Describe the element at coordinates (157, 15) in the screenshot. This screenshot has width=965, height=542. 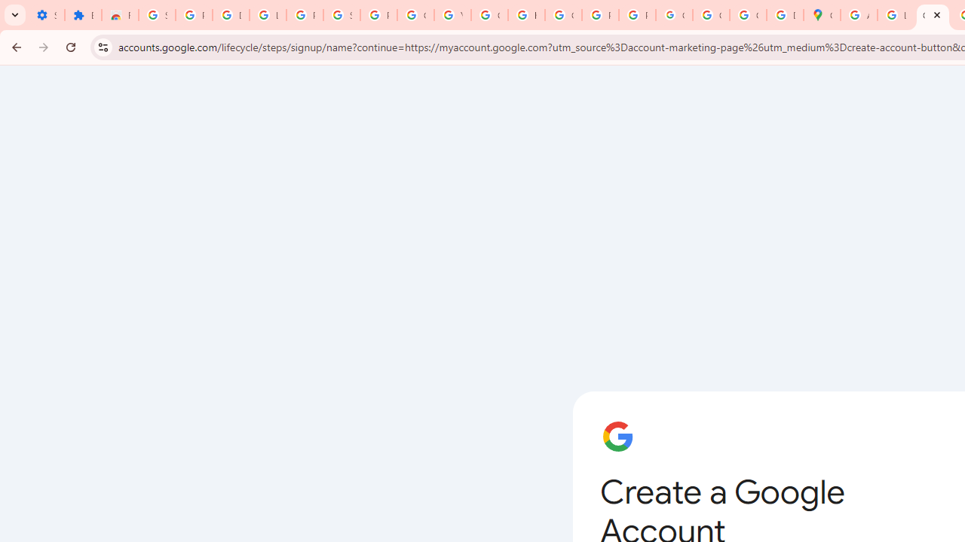
I see `'Sign in - Google Accounts'` at that location.